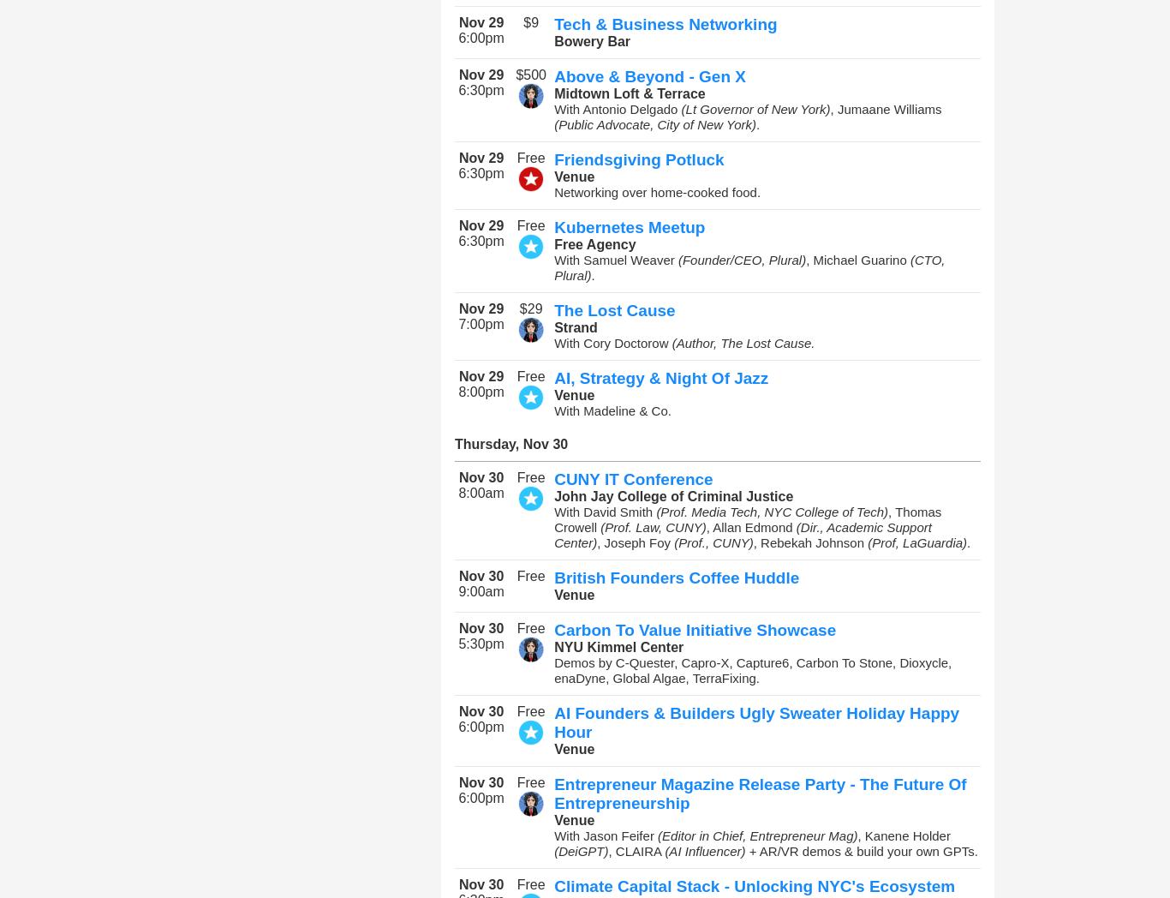 The height and width of the screenshot is (898, 1170). Describe the element at coordinates (606, 835) in the screenshot. I see `'With Jason Feifer'` at that location.